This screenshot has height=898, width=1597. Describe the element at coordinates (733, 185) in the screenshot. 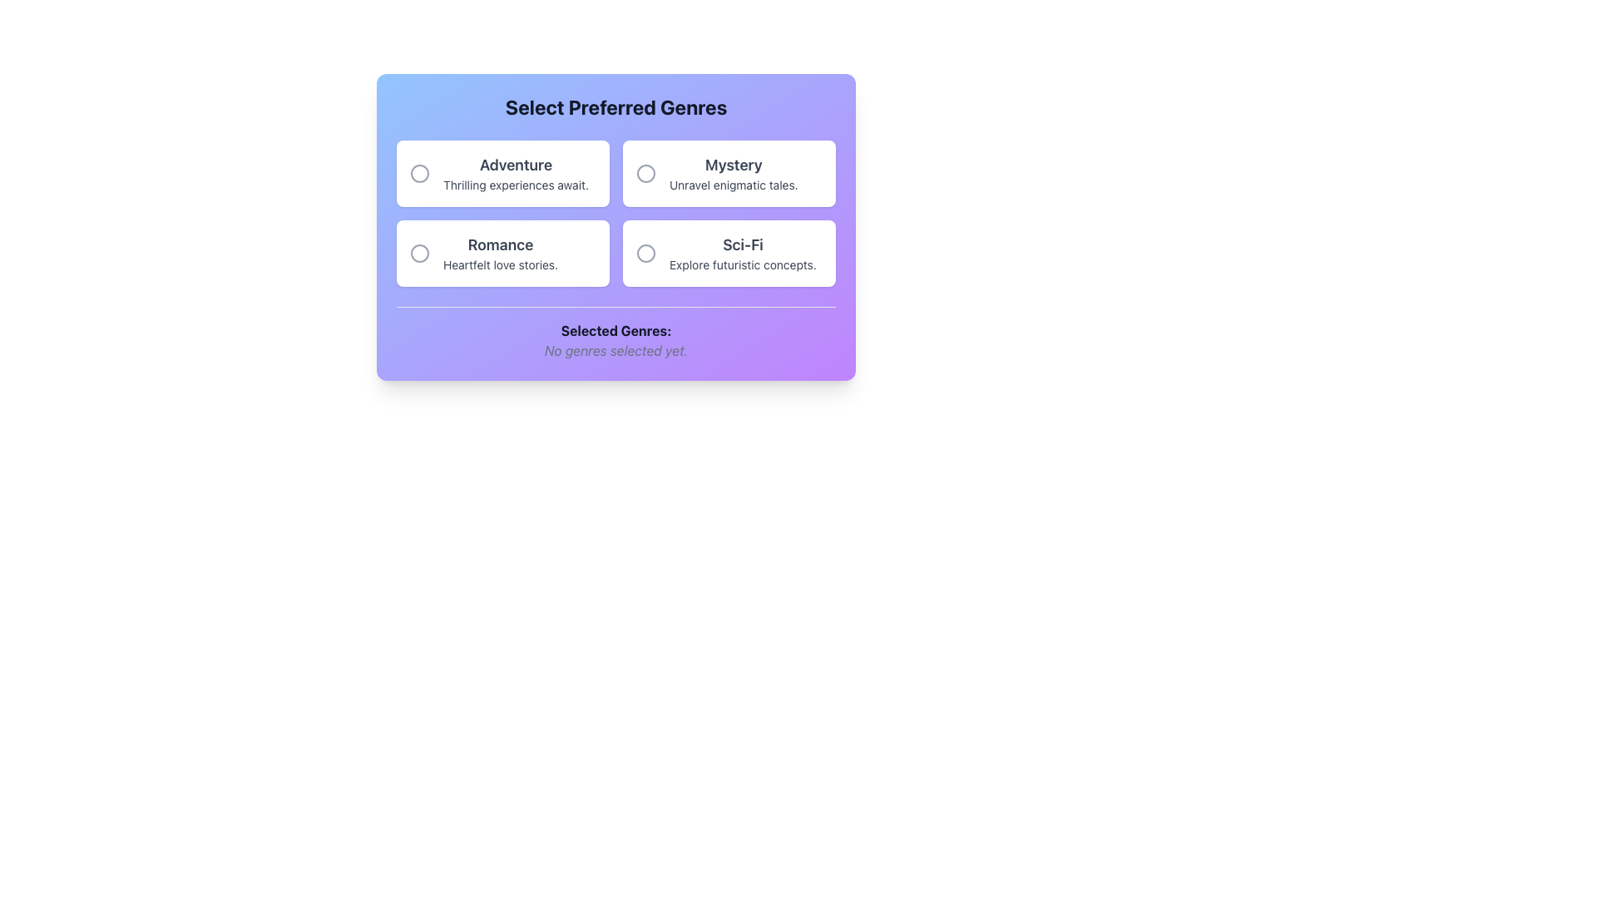

I see `the text label displaying 'Unravel enigmatic tales.' located below the heading 'Mystery' in the 'Select Preferred Genres' section` at that location.